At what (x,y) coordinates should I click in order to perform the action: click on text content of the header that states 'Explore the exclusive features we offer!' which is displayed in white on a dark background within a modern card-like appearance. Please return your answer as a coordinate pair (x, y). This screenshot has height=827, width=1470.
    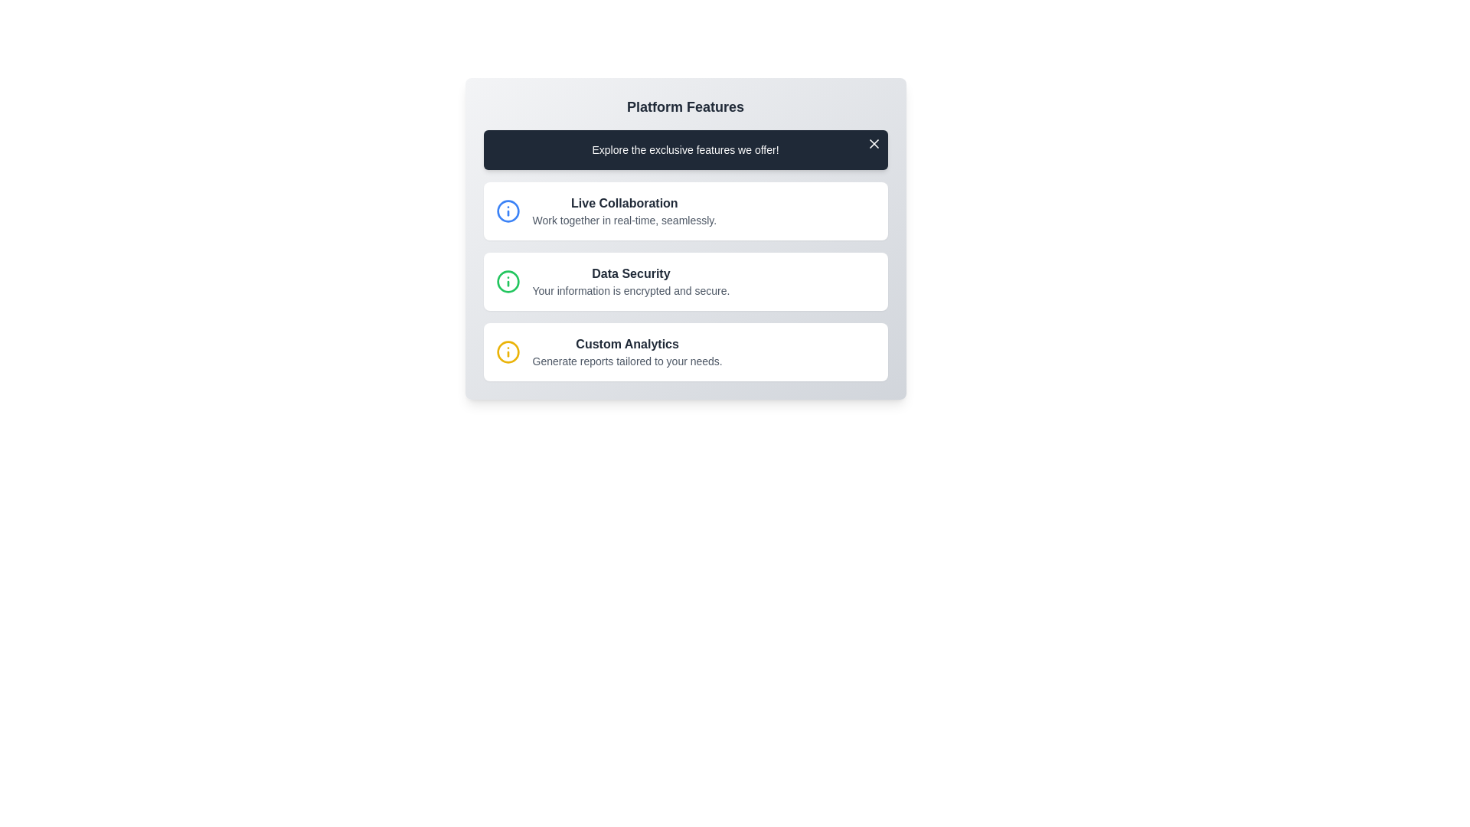
    Looking at the image, I should click on (684, 150).